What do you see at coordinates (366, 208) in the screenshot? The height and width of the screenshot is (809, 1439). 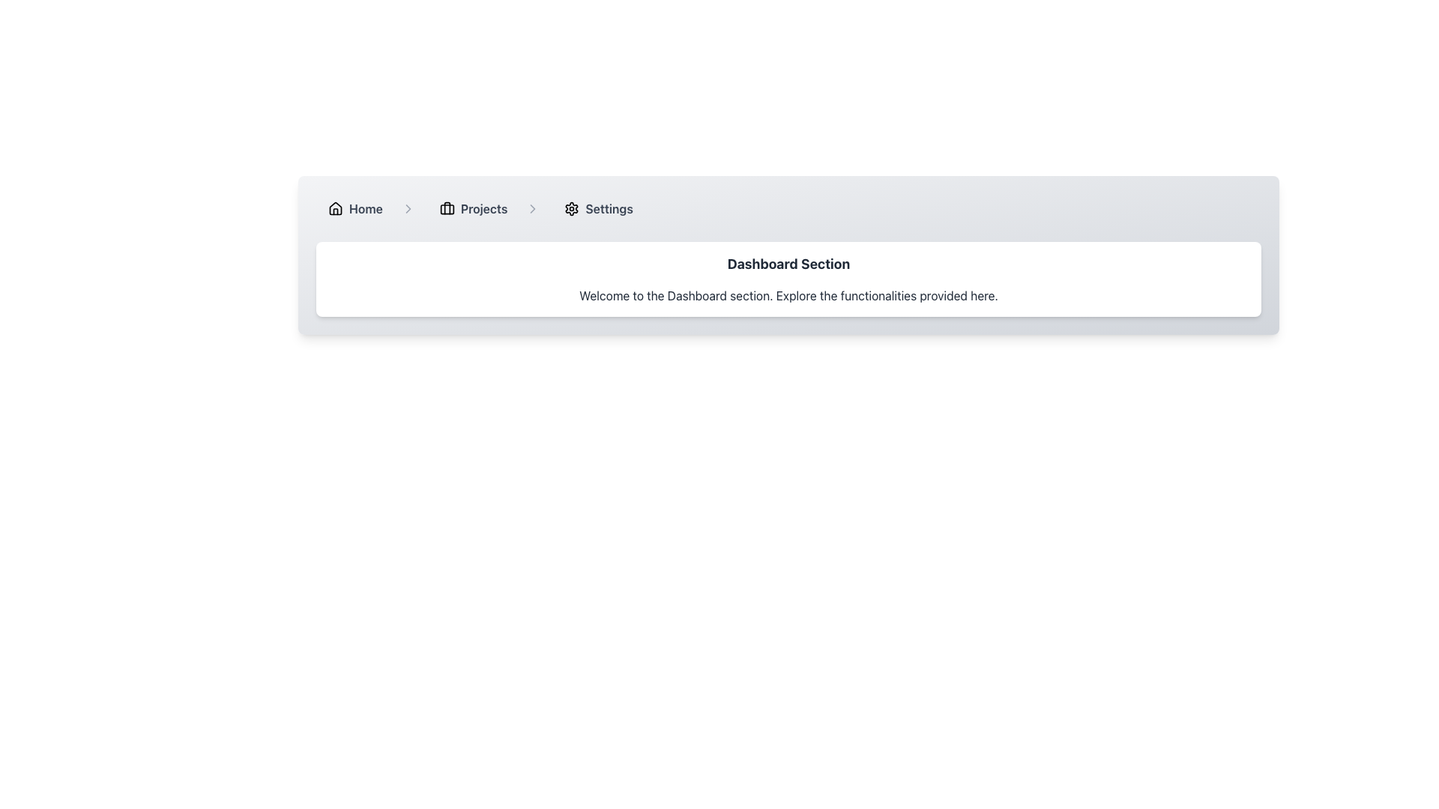 I see `the 'Home' text label in the navigation menu` at bounding box center [366, 208].